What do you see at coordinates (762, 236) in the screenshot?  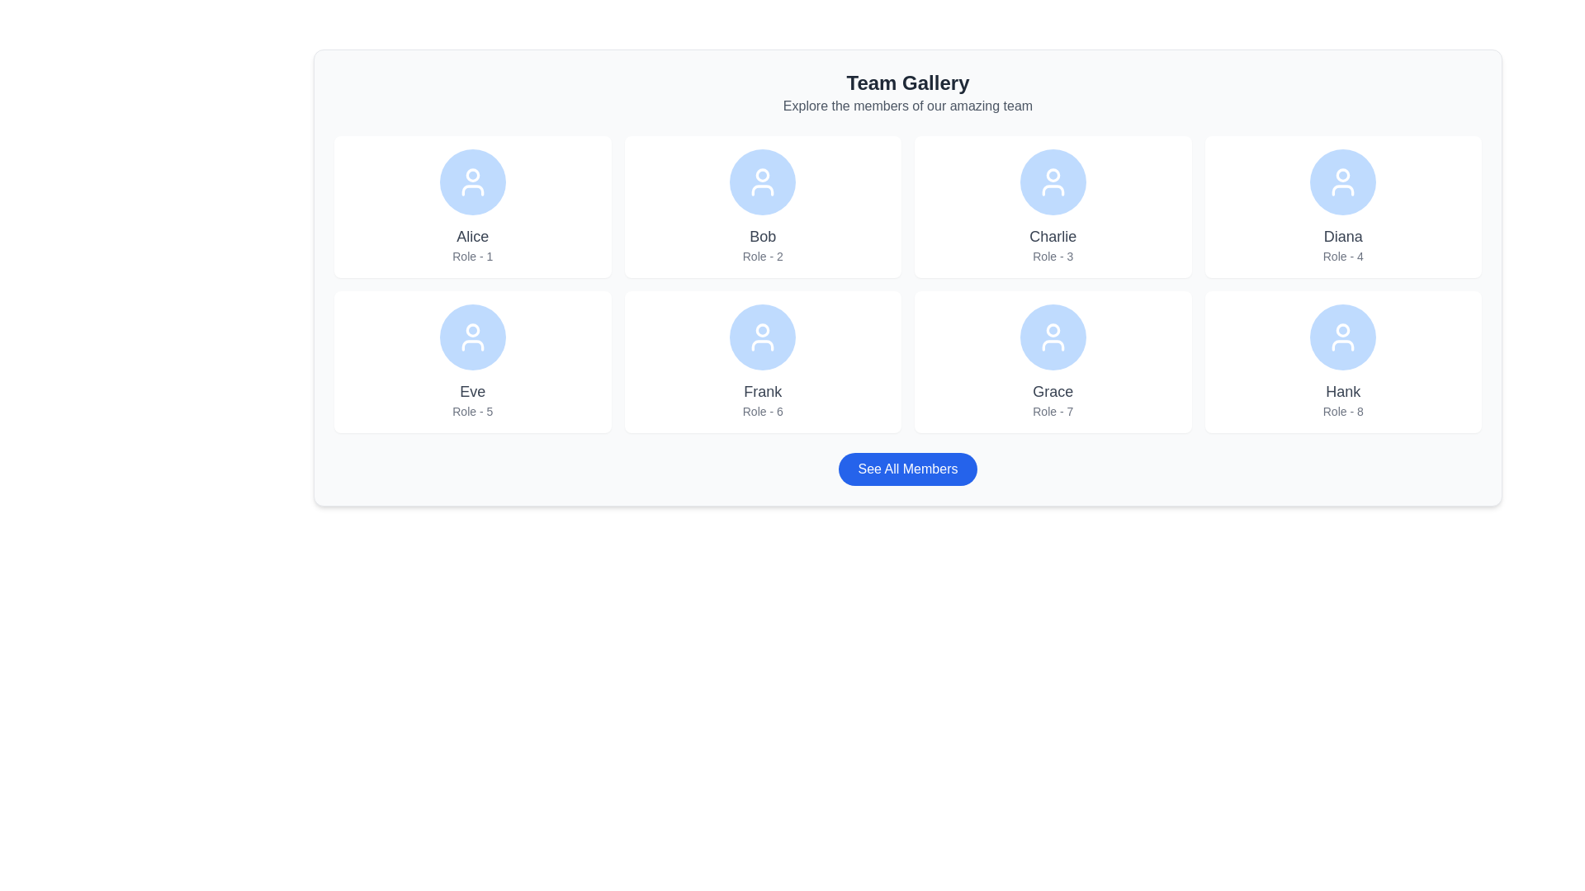 I see `text of the label displaying the name 'Bob' located in the card labeled 'Role - 2' in the second column of the top row of a grid layout, positioned above the role description text and below a circular avatar icon` at bounding box center [762, 236].